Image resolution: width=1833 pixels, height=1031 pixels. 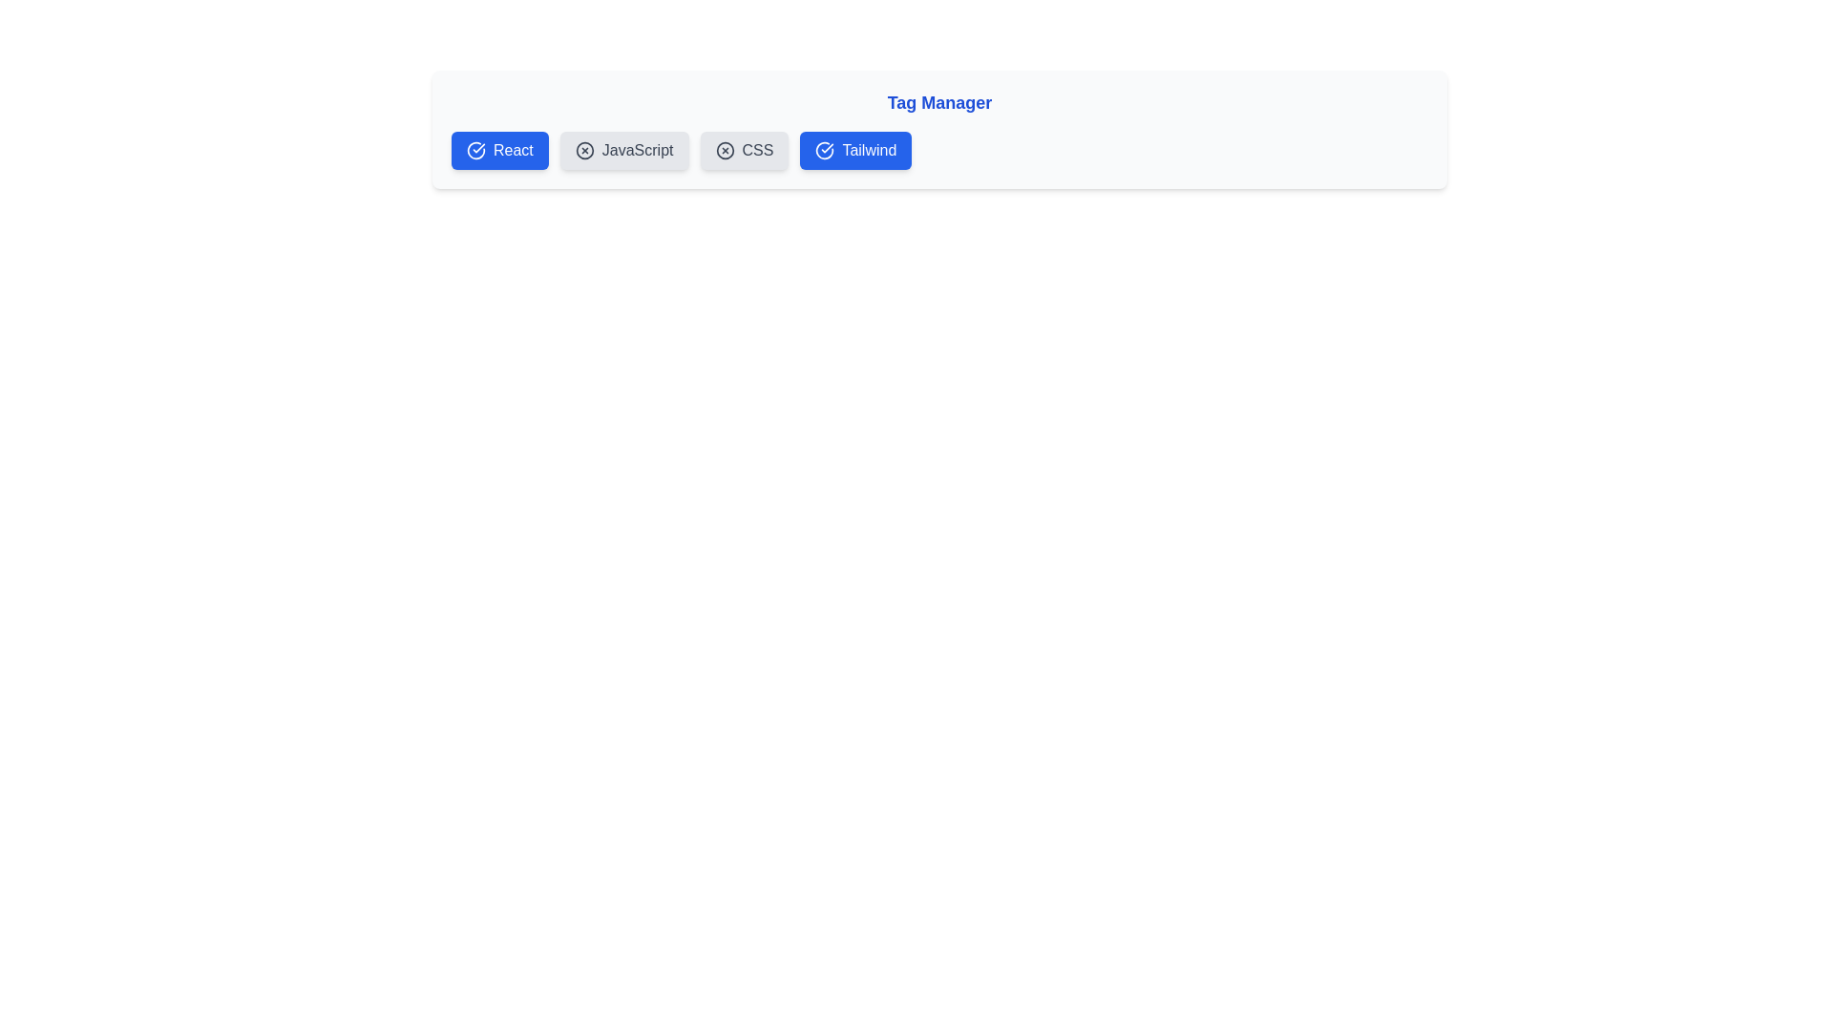 What do you see at coordinates (854, 150) in the screenshot?
I see `the tag labeled Tailwind` at bounding box center [854, 150].